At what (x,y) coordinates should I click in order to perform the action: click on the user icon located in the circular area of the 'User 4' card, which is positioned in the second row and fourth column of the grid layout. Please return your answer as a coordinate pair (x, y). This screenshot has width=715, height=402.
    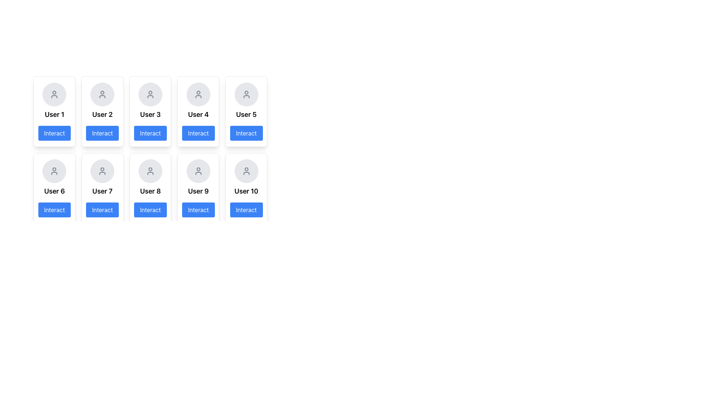
    Looking at the image, I should click on (198, 94).